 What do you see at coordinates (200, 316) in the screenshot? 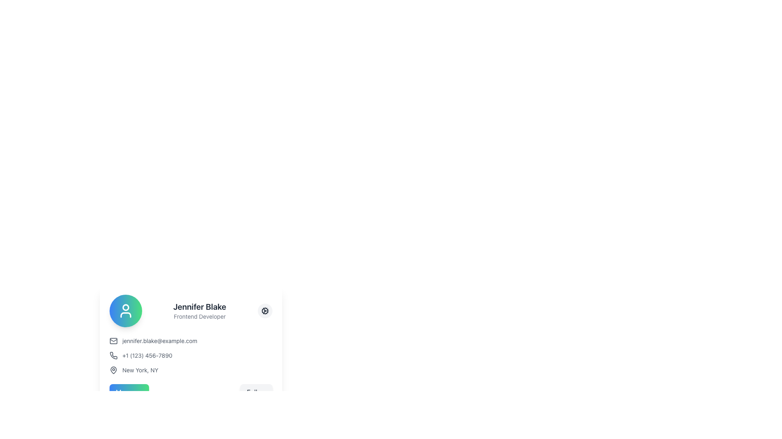
I see `the text block indicating the user's profession, which reads 'Frontend Developer', located directly below 'Jennifer Blake'` at bounding box center [200, 316].